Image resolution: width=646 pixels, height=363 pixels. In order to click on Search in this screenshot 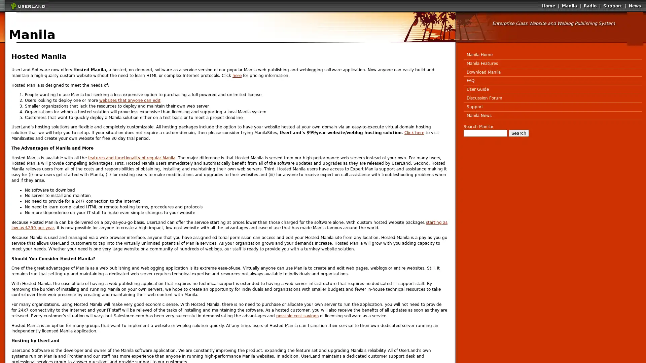, I will do `click(518, 133)`.